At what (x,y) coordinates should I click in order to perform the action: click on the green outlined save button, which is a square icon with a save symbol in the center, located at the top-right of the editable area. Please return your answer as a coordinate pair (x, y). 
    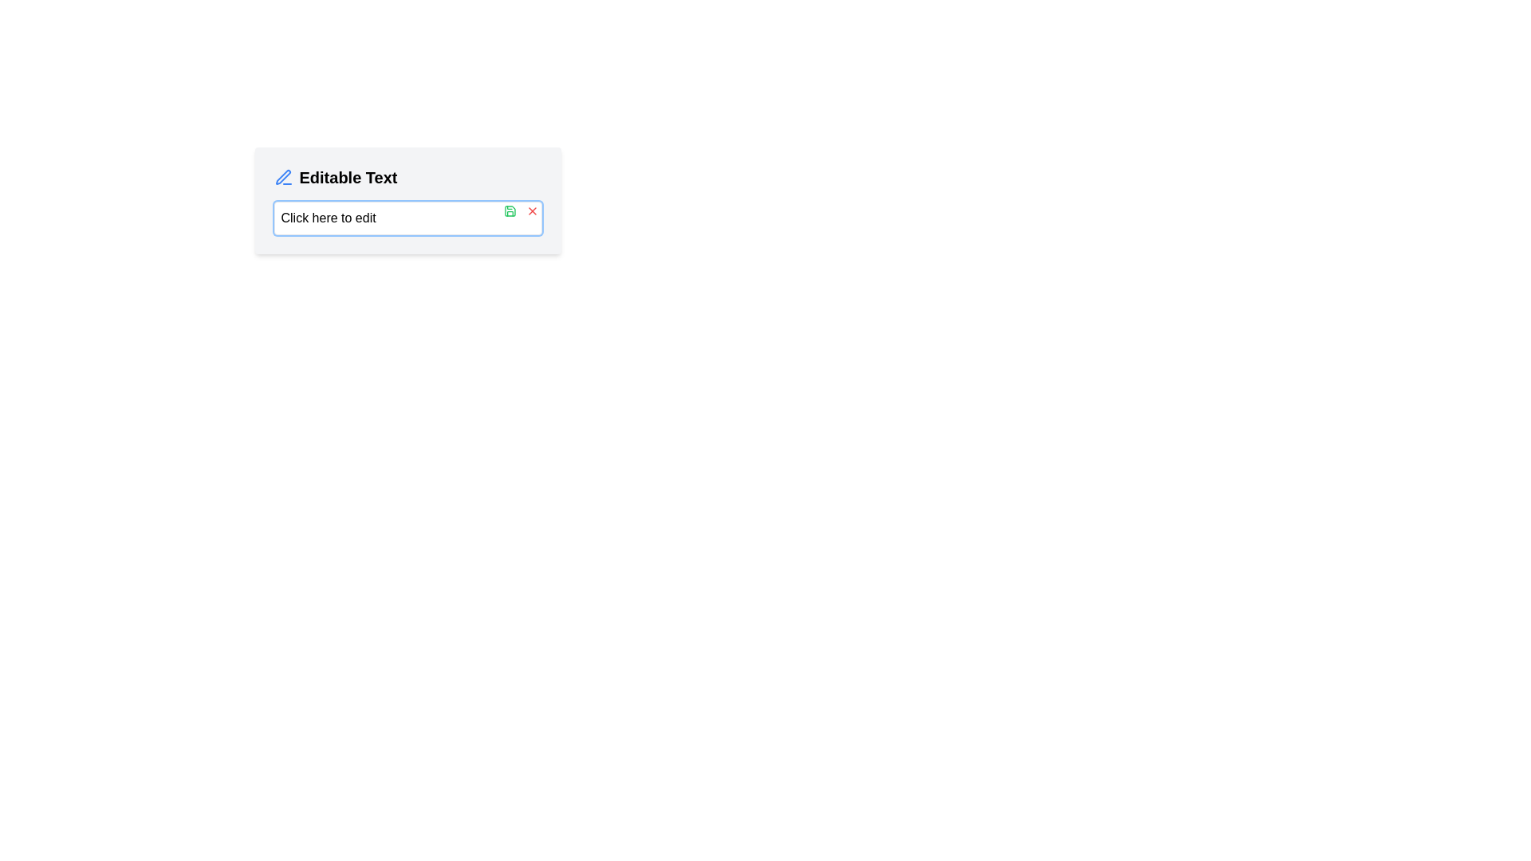
    Looking at the image, I should click on (509, 210).